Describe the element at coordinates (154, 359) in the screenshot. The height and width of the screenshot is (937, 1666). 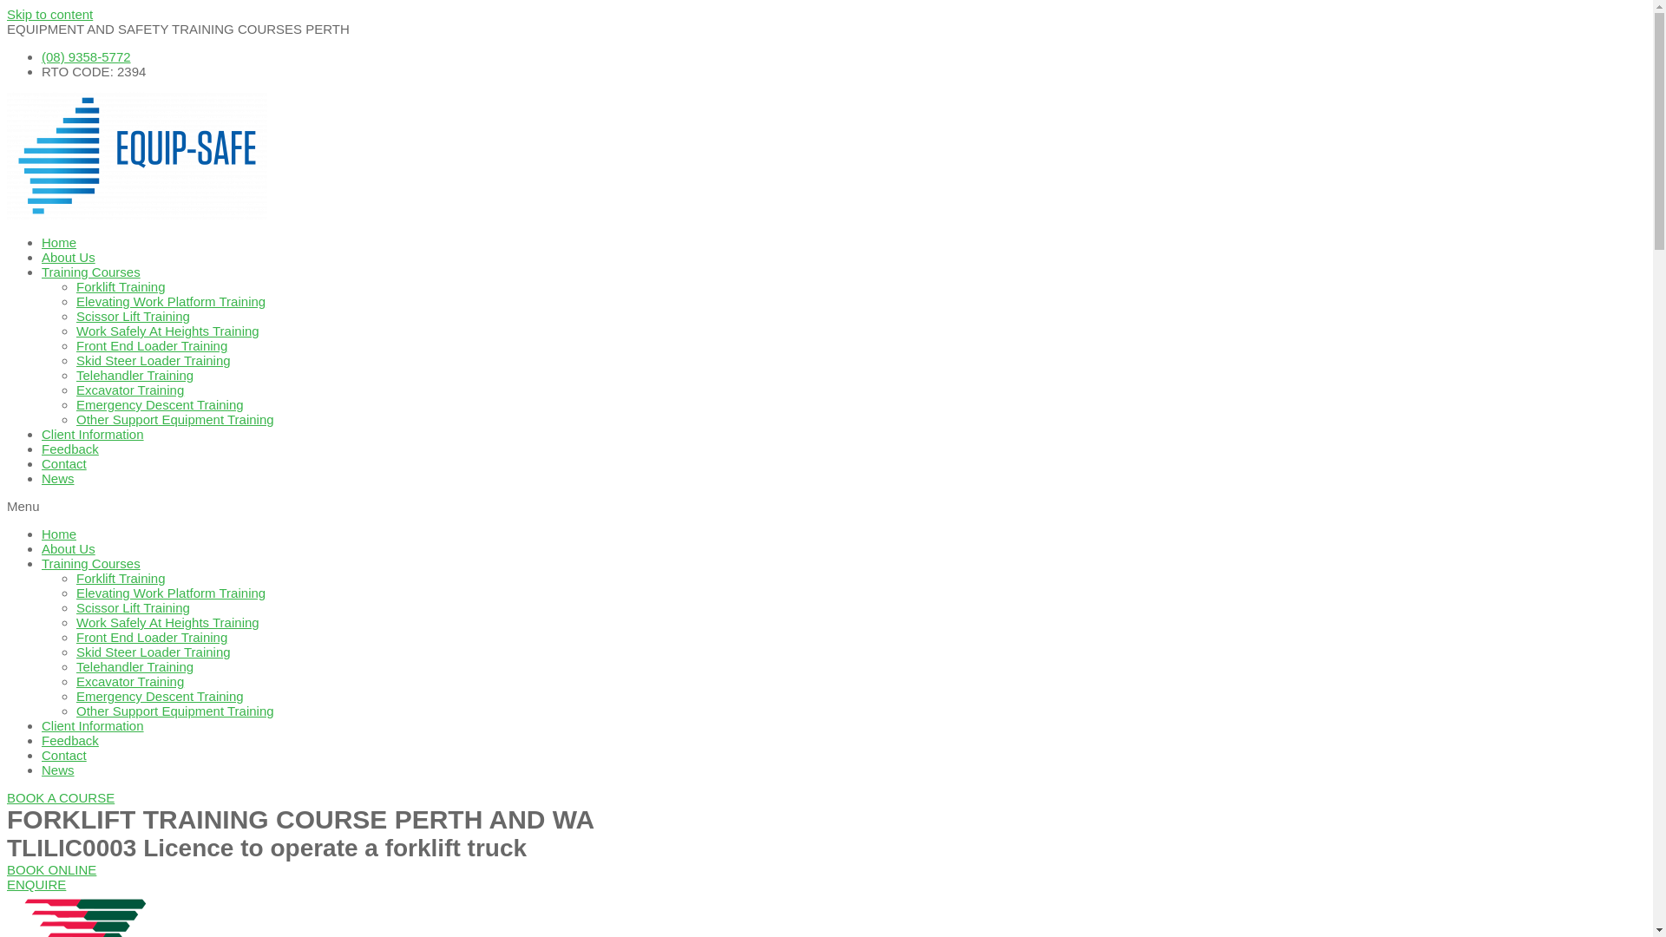
I see `'Skid Steer Loader Training'` at that location.